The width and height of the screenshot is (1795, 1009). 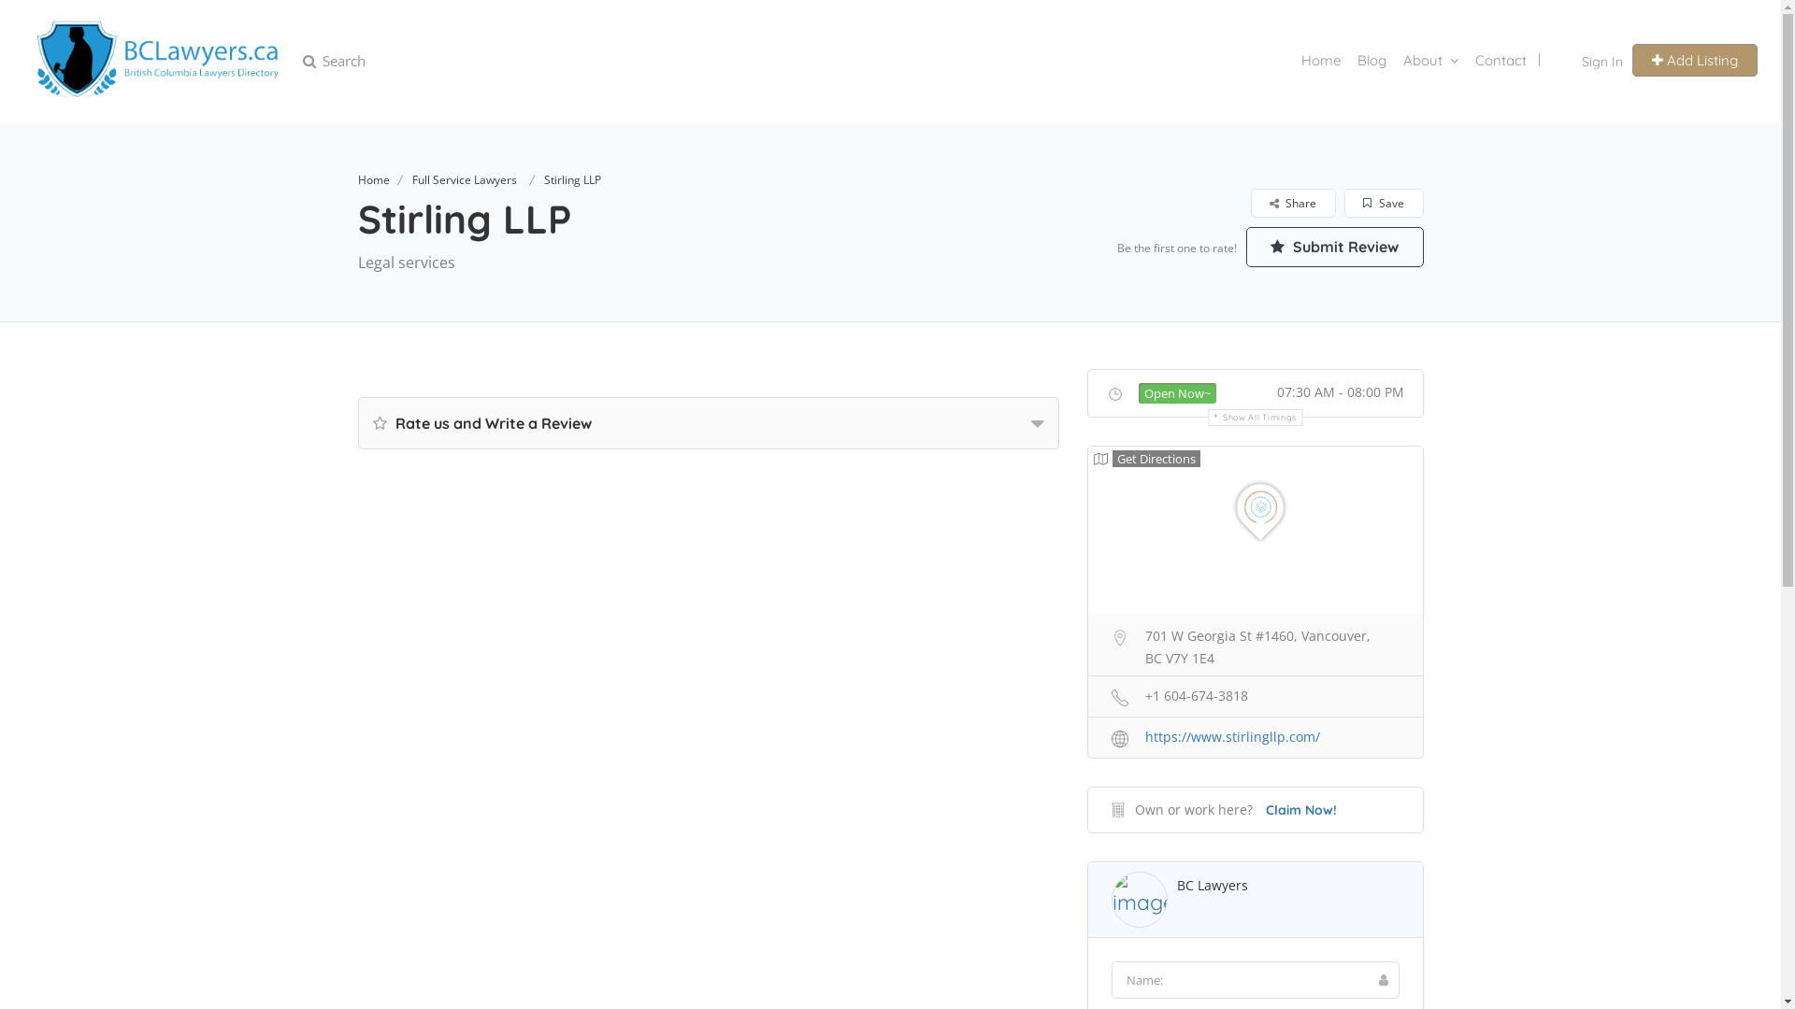 I want to click on 'Show All Timings', so click(x=1255, y=417).